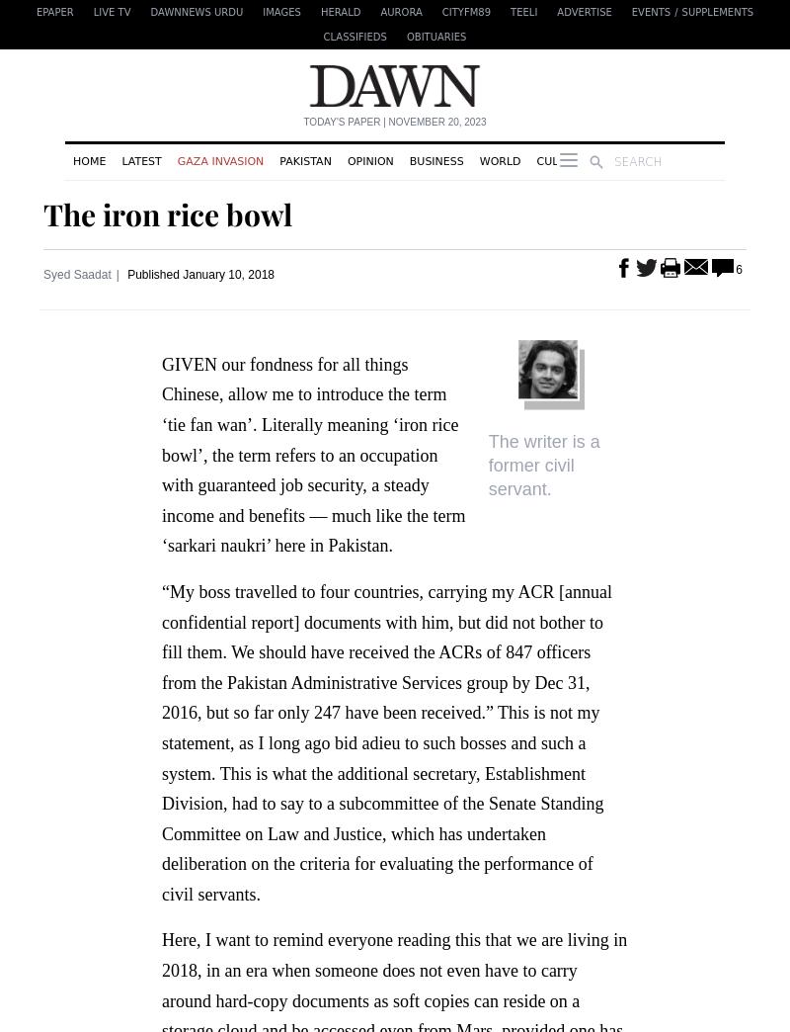  I want to click on 'Herald', so click(340, 11).